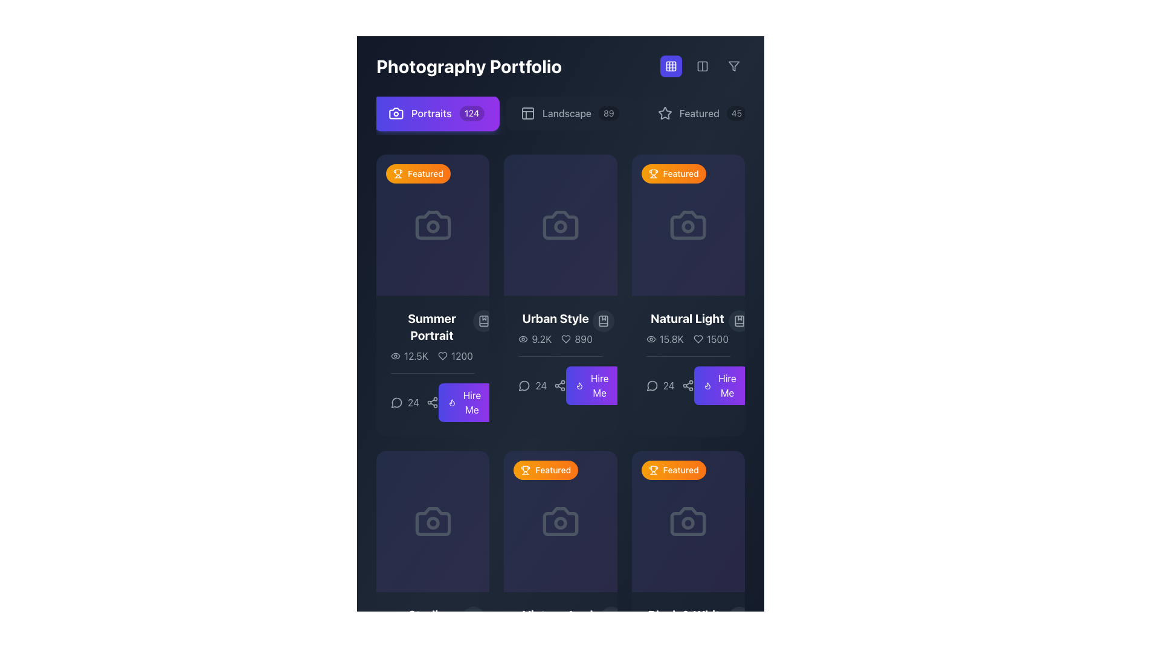 The image size is (1160, 652). What do you see at coordinates (559, 380) in the screenshot?
I see `the interactive share or connect icon located within the 'Urban Style' card, adjacent to the comment count and above the 'Hire Me' button` at bounding box center [559, 380].